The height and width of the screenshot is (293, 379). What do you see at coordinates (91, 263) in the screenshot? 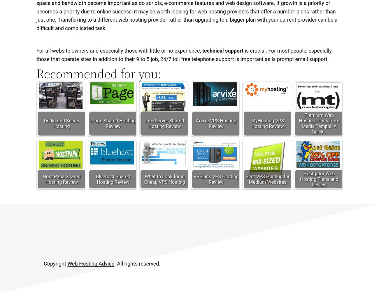
I see `'Web Hosting Advice'` at bounding box center [91, 263].